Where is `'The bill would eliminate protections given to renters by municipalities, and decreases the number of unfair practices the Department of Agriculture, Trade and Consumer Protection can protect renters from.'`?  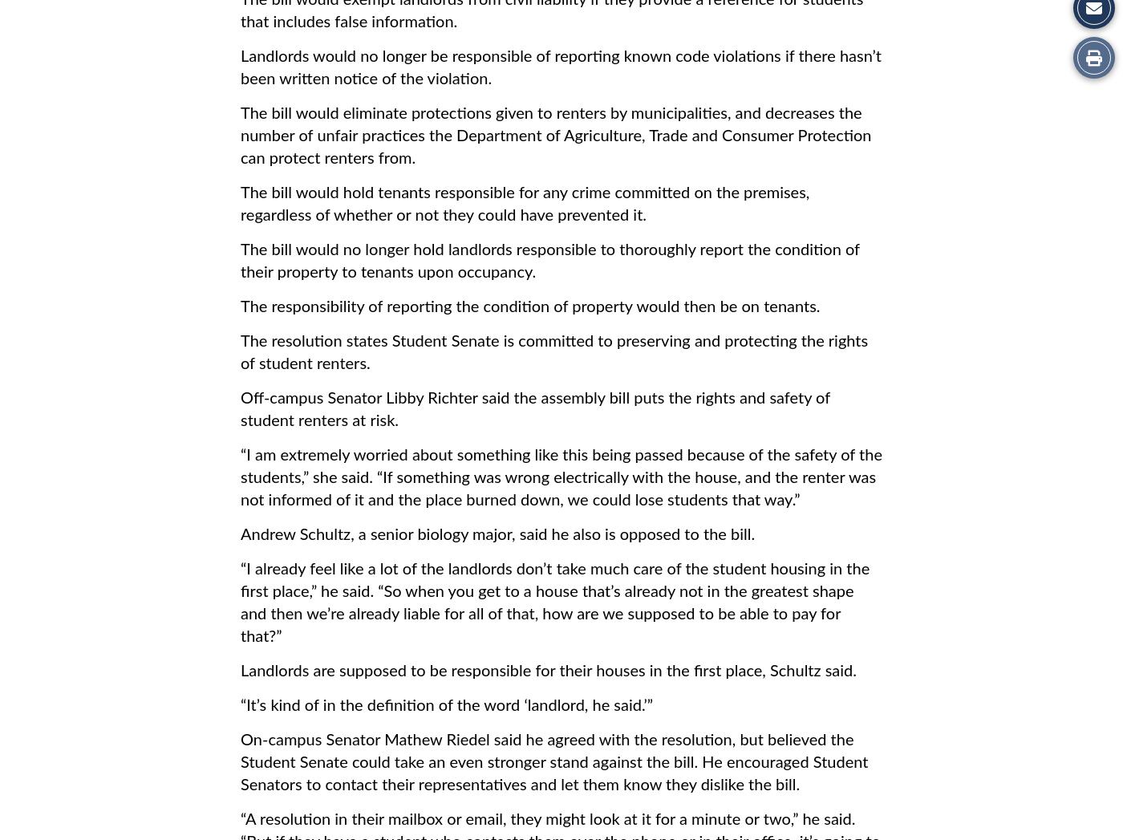
'The bill would eliminate protections given to renters by municipalities, and decreases the number of unfair practices the Department of Agriculture, Trade and Consumer Protection can protect renters from.' is located at coordinates (556, 136).